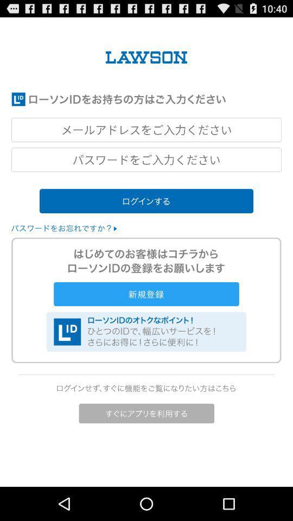 Image resolution: width=293 pixels, height=521 pixels. Describe the element at coordinates (146, 130) in the screenshot. I see `lawson log in id space` at that location.